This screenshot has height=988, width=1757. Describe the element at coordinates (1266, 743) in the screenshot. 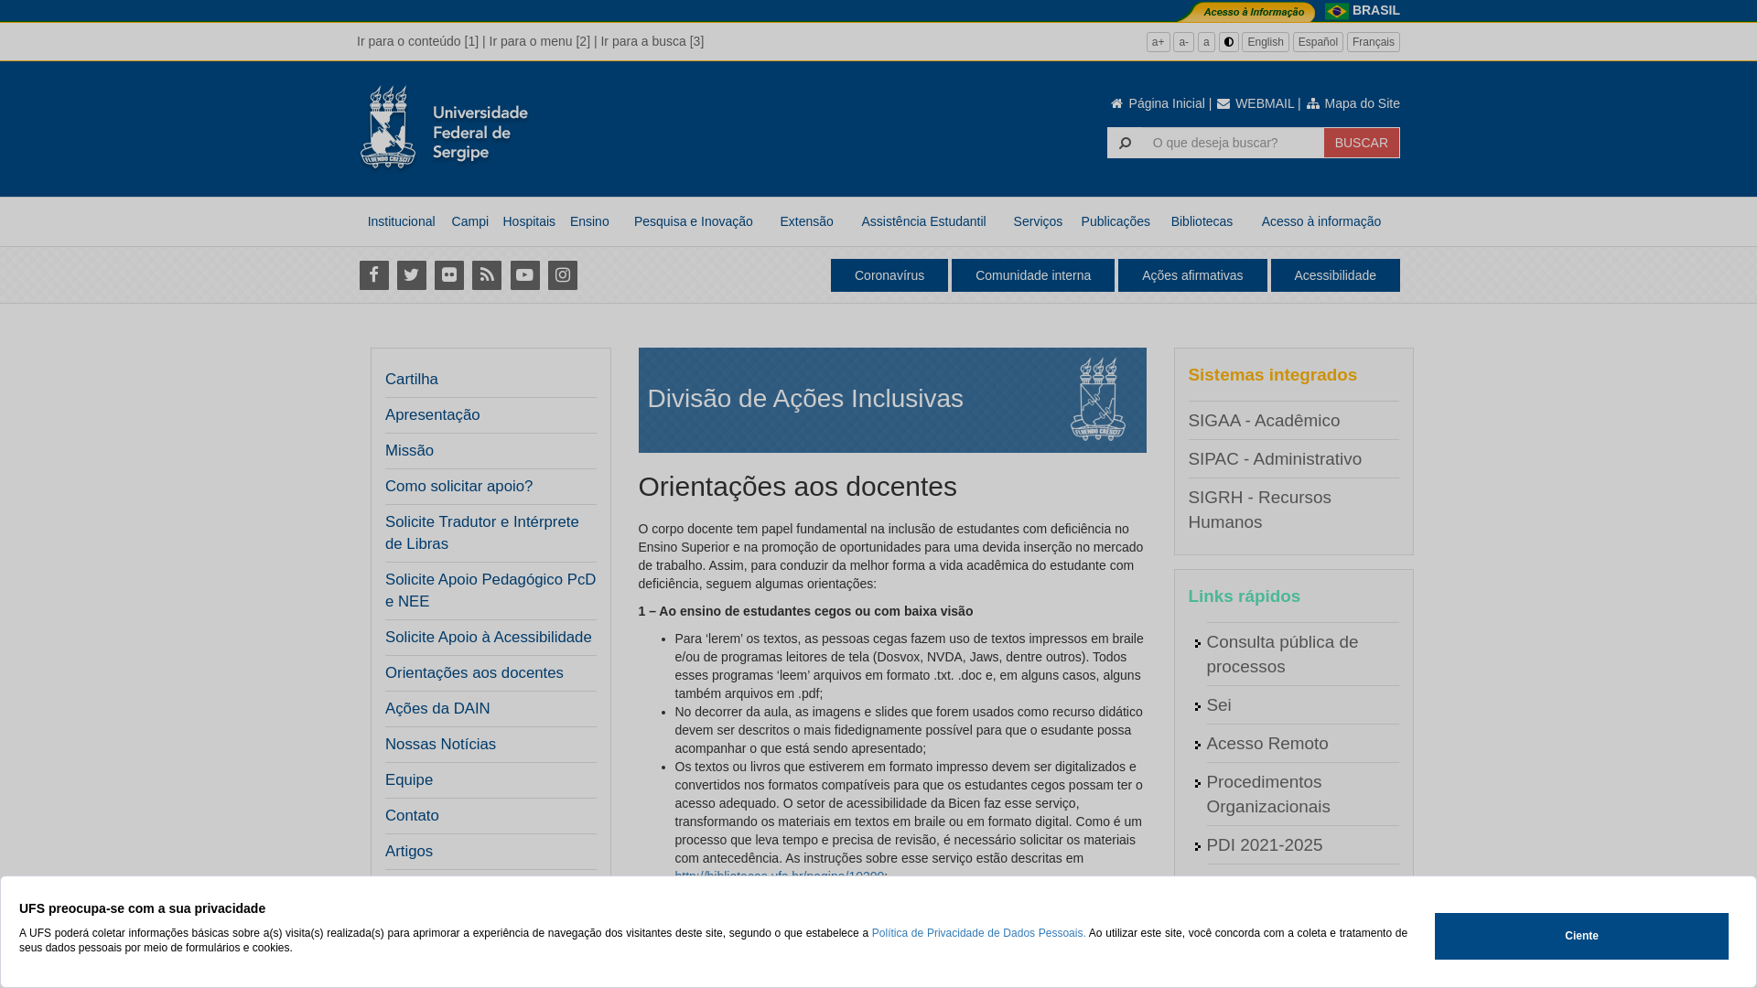

I see `'Acesso Remoto'` at that location.